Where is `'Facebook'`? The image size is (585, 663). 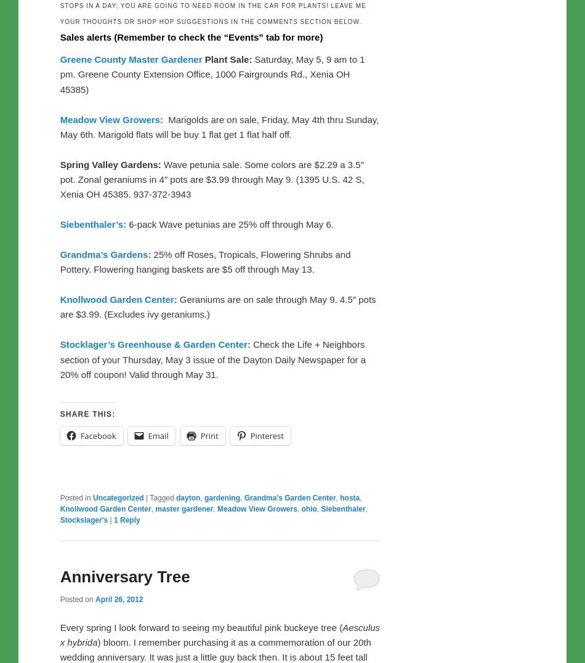 'Facebook' is located at coordinates (98, 435).